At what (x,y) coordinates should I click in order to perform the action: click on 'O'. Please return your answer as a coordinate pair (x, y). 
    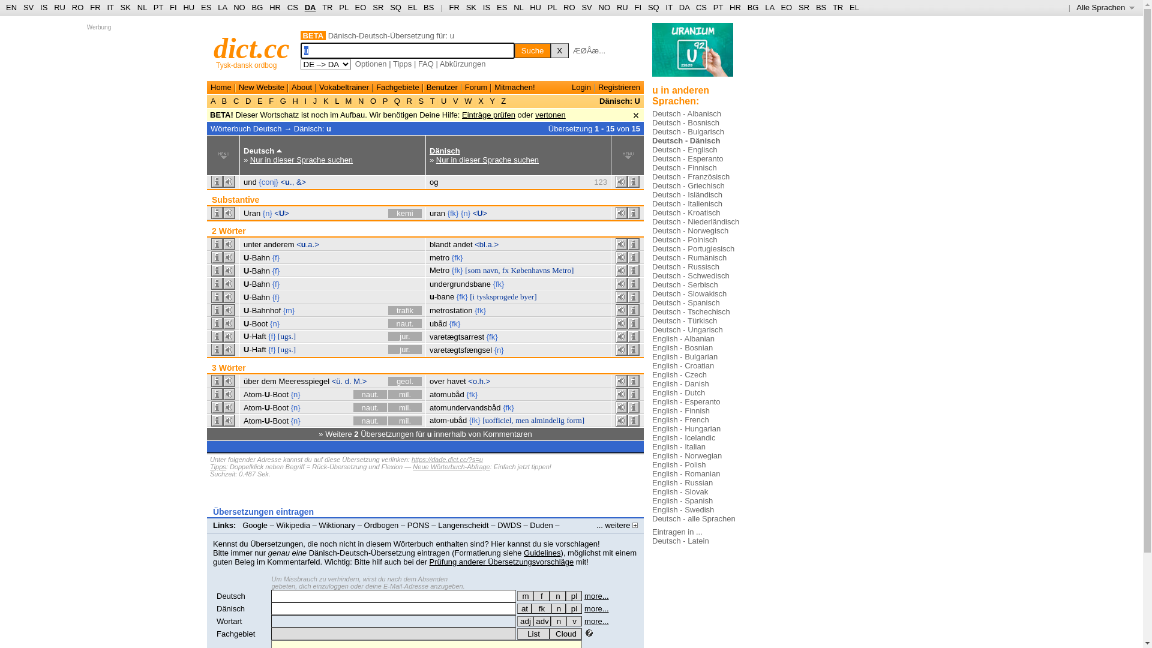
    Looking at the image, I should click on (372, 100).